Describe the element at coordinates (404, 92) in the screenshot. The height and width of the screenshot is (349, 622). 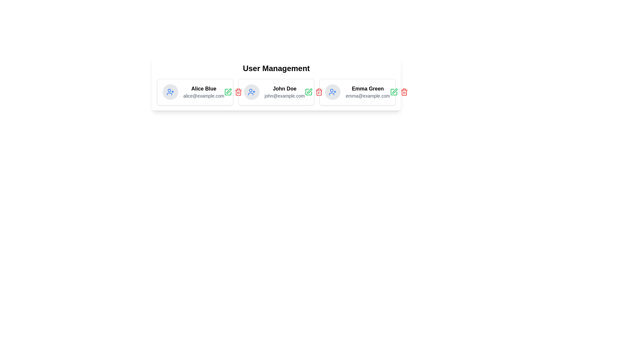
I see `the delete button associated with user 'Emma Green'` at that location.